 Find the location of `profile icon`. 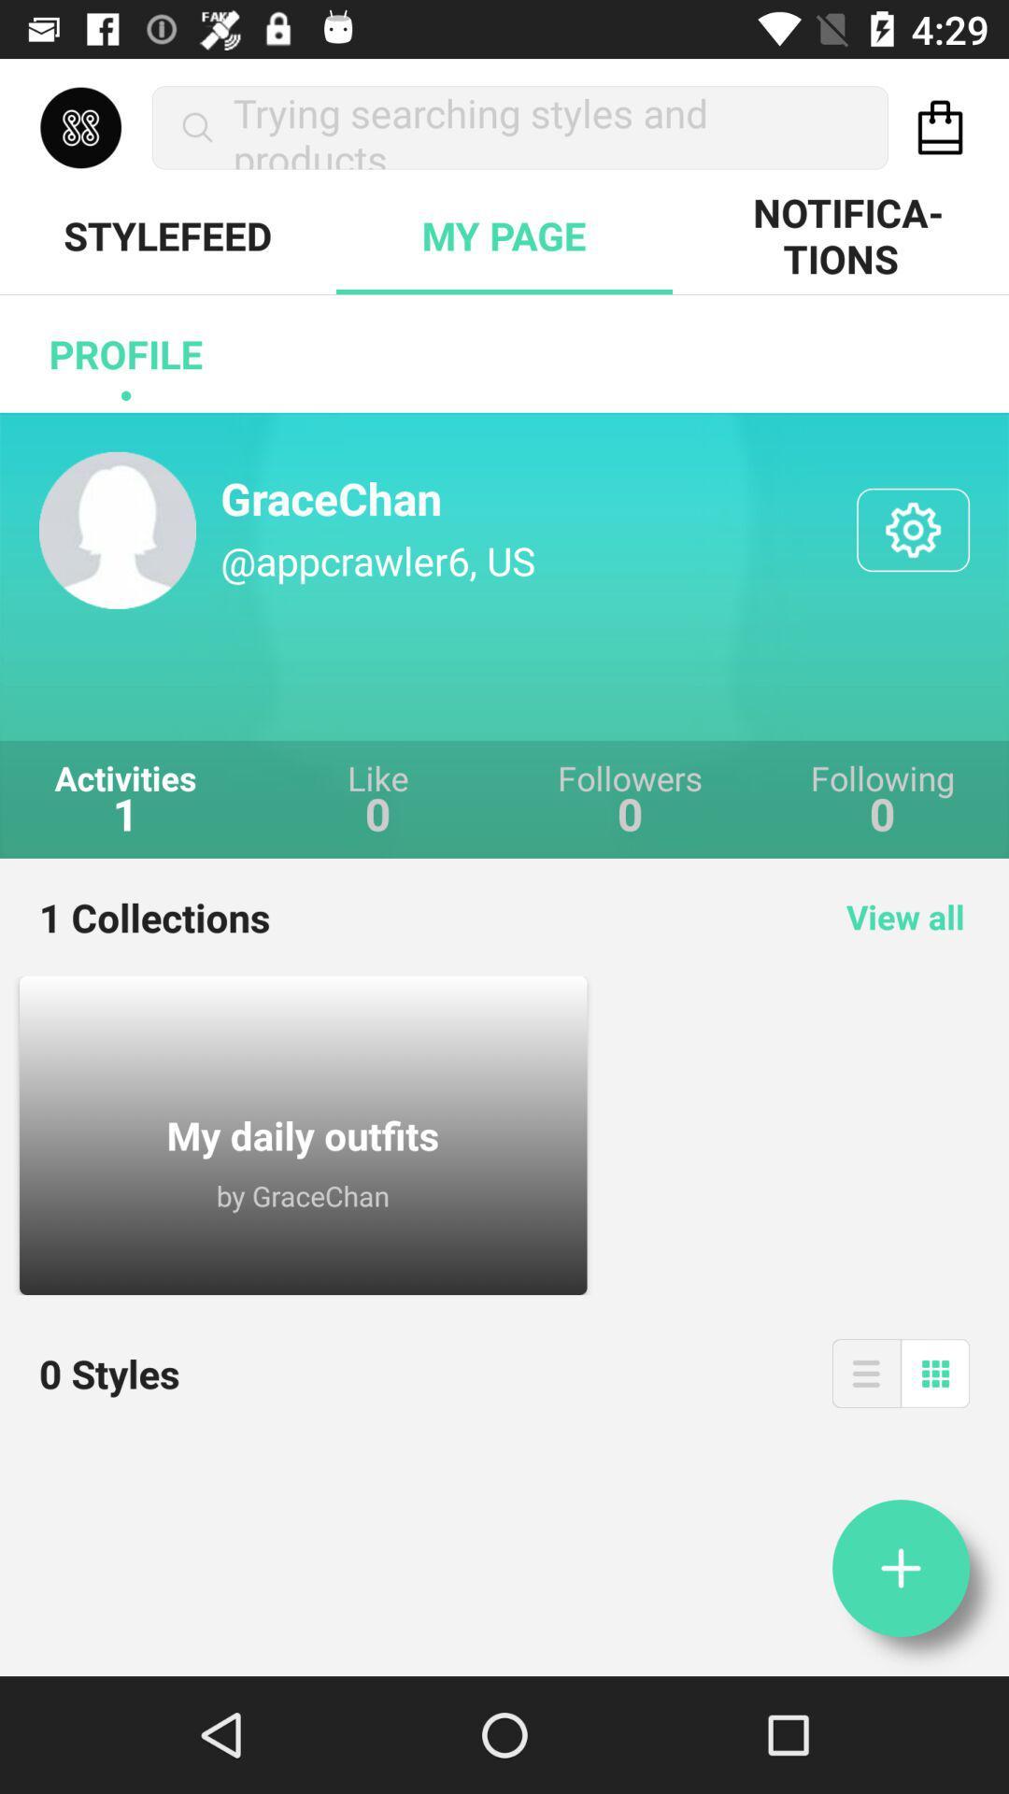

profile icon is located at coordinates (126, 353).